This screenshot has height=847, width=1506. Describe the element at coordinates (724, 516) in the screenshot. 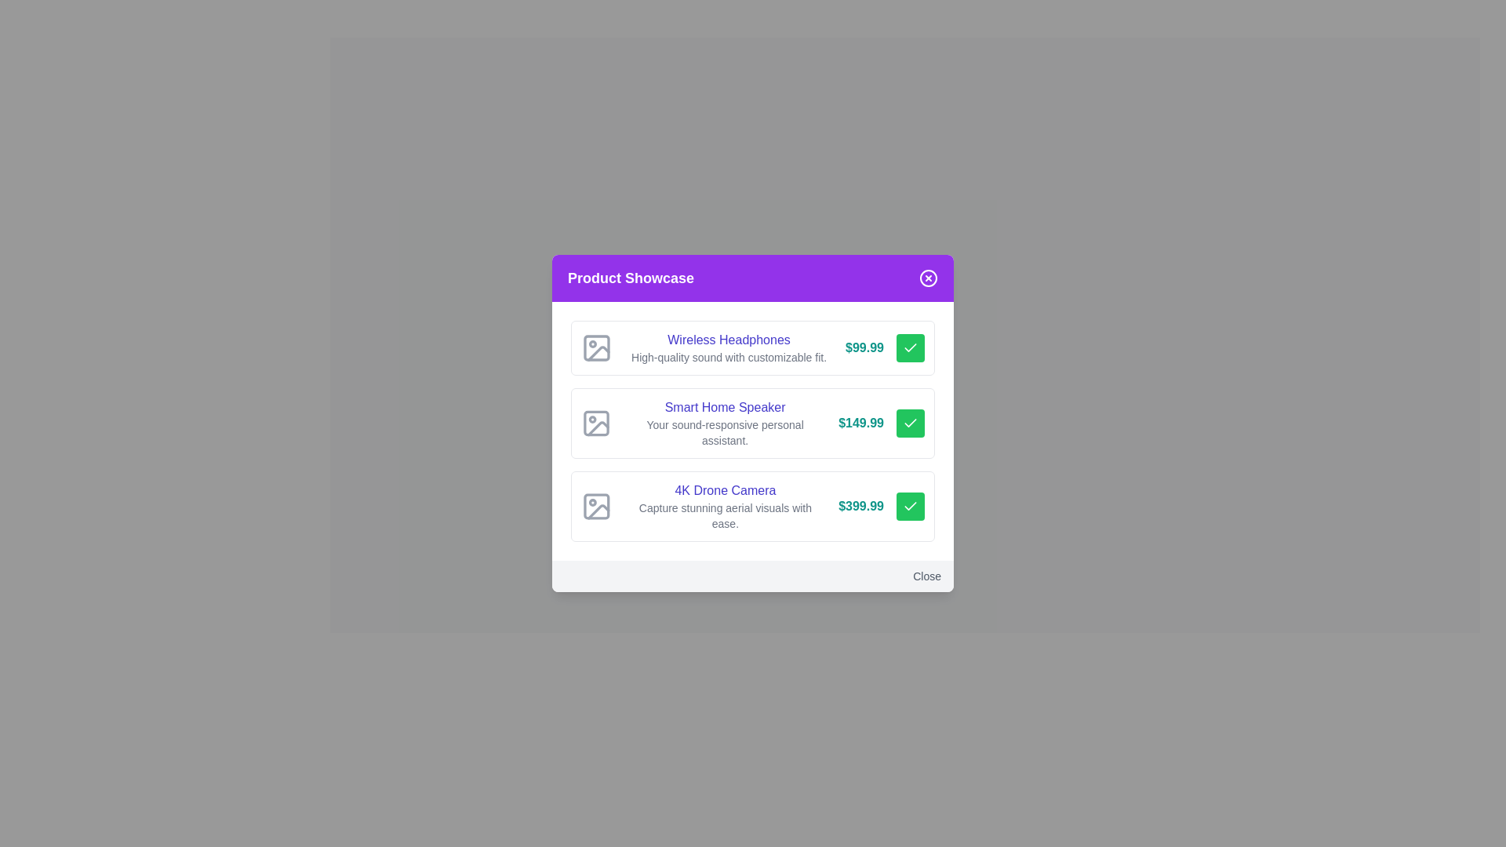

I see `the descriptive text of the product '4K Drone Camera', which is the second line of text in the product's information block` at that location.